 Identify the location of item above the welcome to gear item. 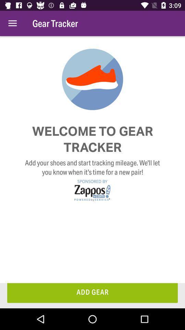
(12, 23).